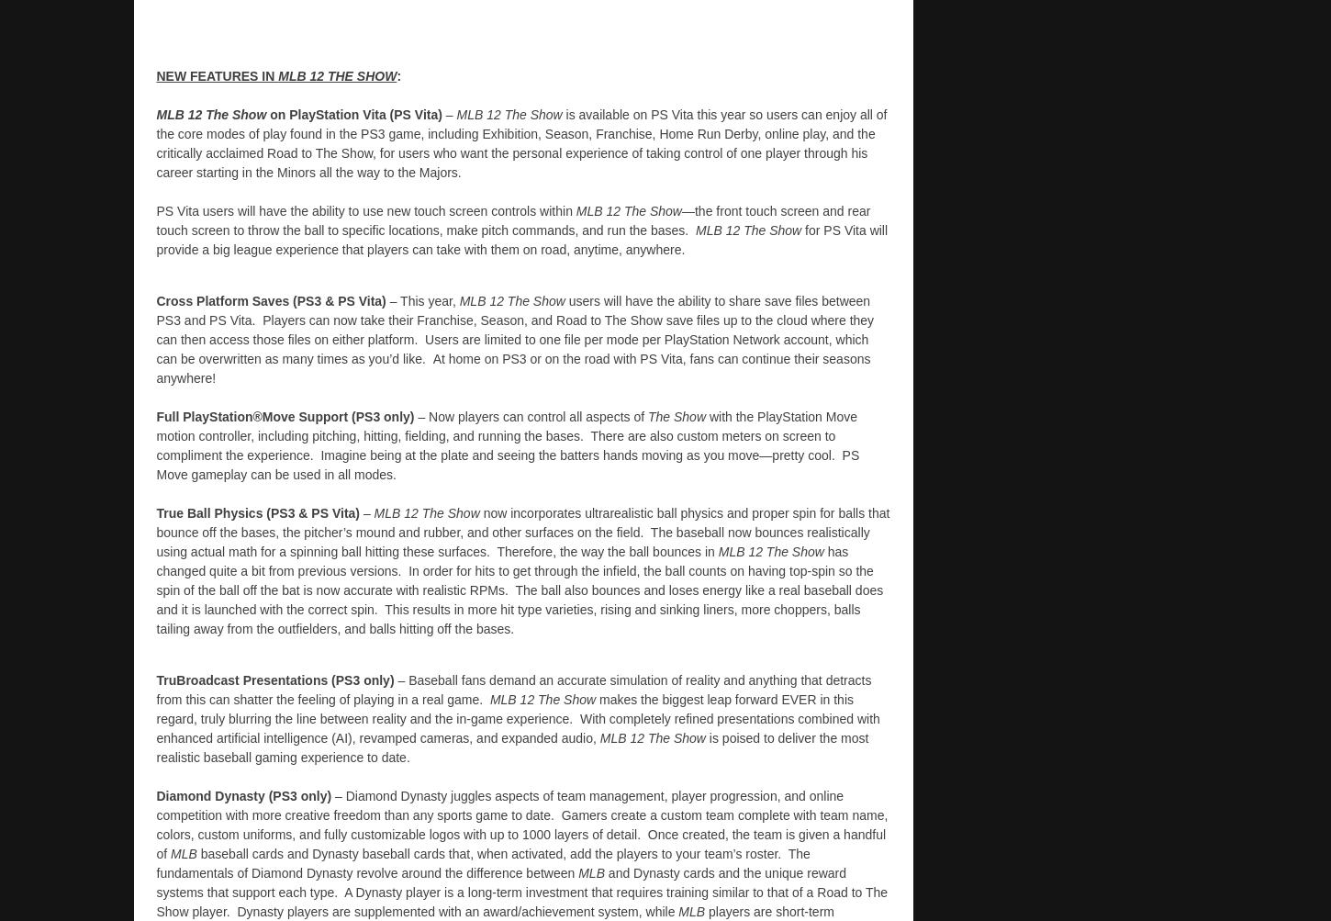 Image resolution: width=1331 pixels, height=921 pixels. Describe the element at coordinates (515, 151) in the screenshot. I see `'Home Run Derby, online play, and the critically acclaimed Road to The Show, for users who want the personal experience of taking control of one player through his career starting in the Minors all the way to the Majors.'` at that location.